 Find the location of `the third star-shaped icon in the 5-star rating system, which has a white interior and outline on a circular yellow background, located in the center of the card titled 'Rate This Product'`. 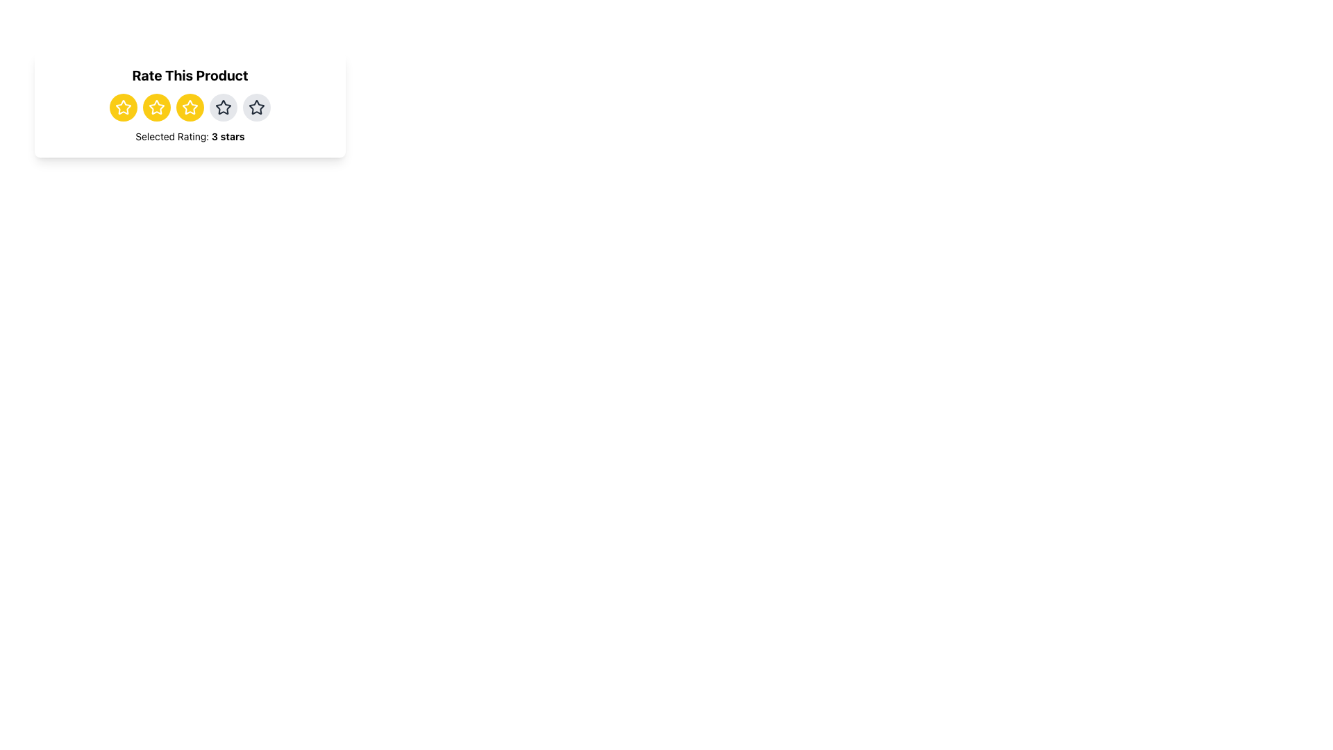

the third star-shaped icon in the 5-star rating system, which has a white interior and outline on a circular yellow background, located in the center of the card titled 'Rate This Product' is located at coordinates (123, 106).